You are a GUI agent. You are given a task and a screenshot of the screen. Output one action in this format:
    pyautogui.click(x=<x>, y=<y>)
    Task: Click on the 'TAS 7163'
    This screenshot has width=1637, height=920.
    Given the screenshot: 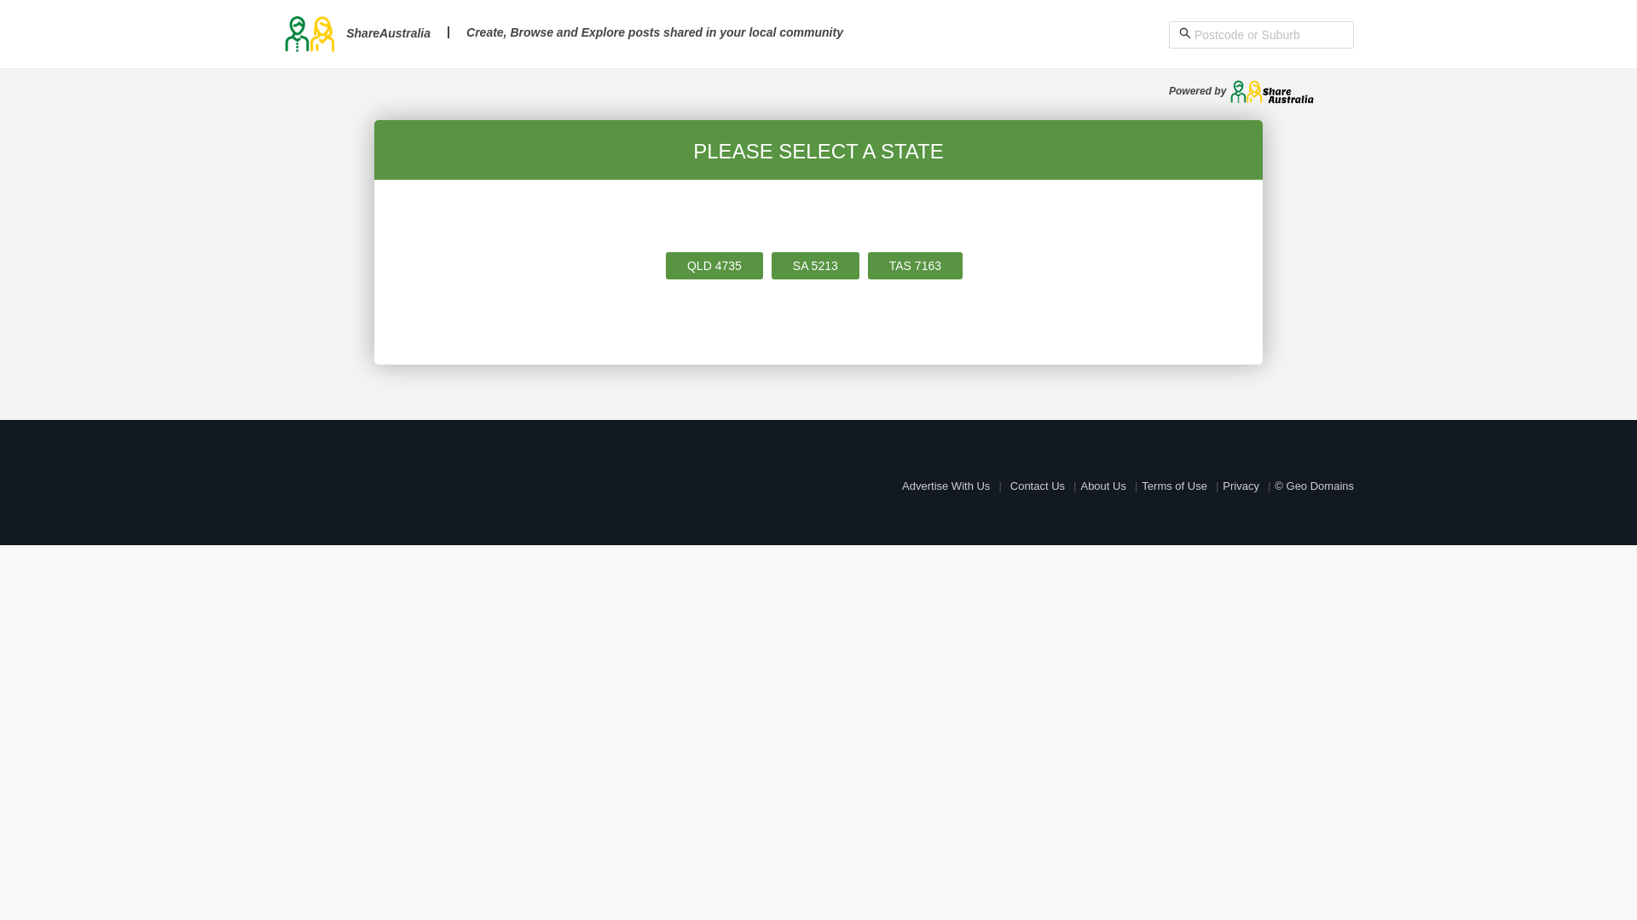 What is the action you would take?
    pyautogui.click(x=867, y=266)
    